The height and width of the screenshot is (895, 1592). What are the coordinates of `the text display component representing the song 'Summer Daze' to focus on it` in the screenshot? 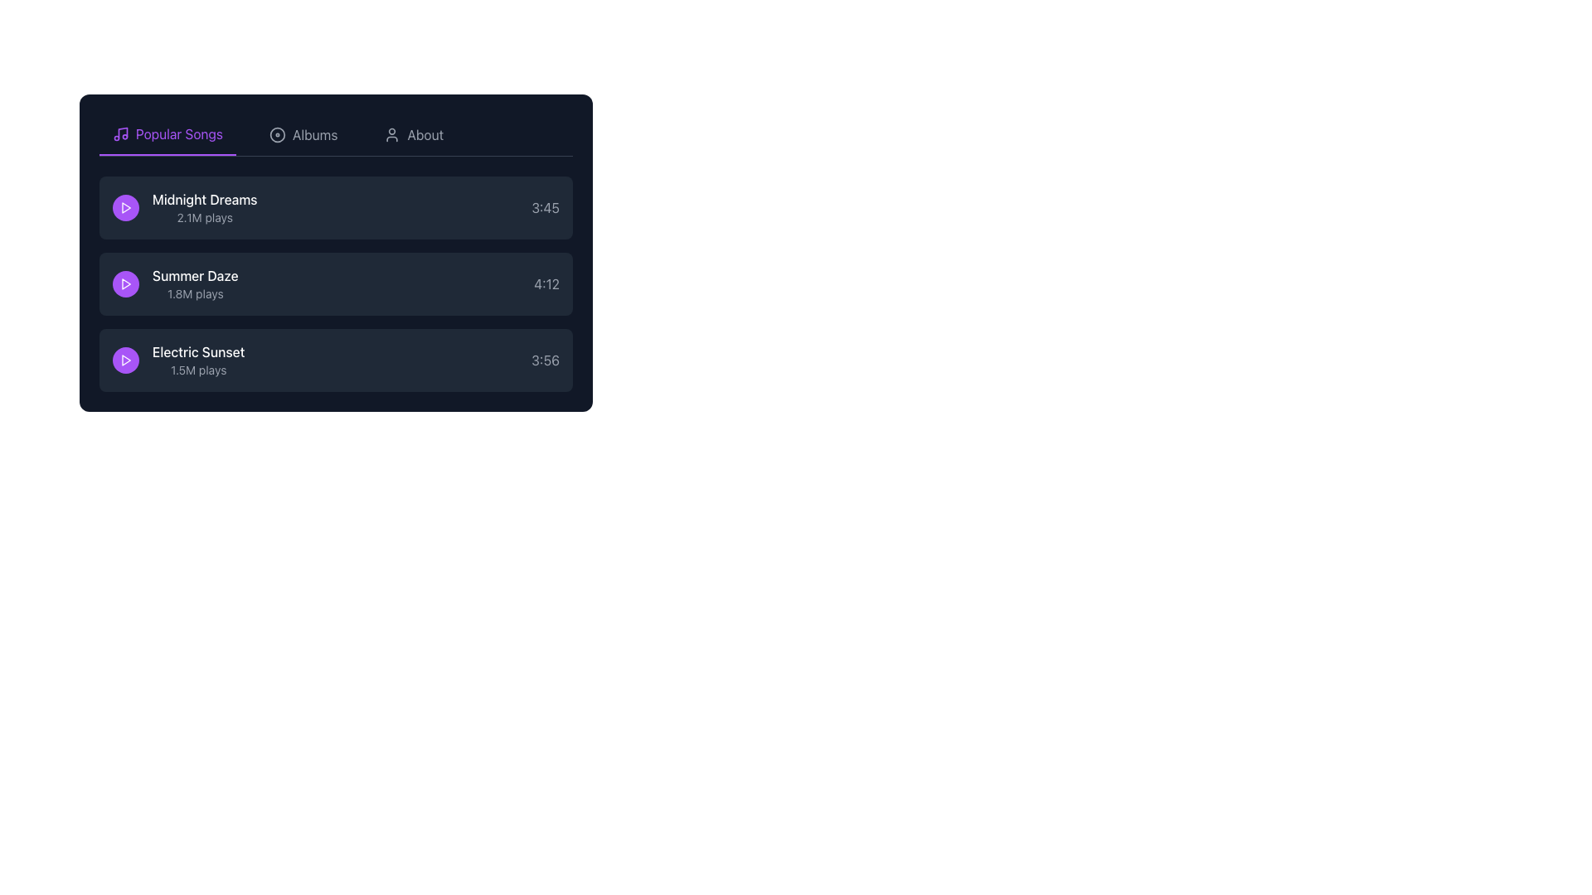 It's located at (175, 283).